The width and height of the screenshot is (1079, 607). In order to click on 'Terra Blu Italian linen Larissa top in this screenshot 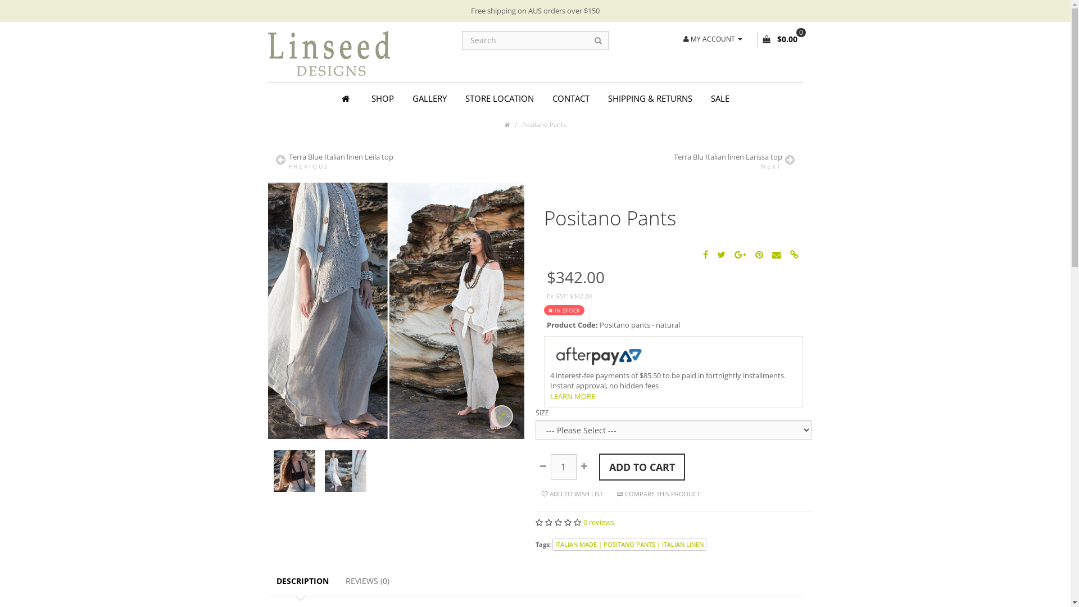, I will do `click(669, 161)`.